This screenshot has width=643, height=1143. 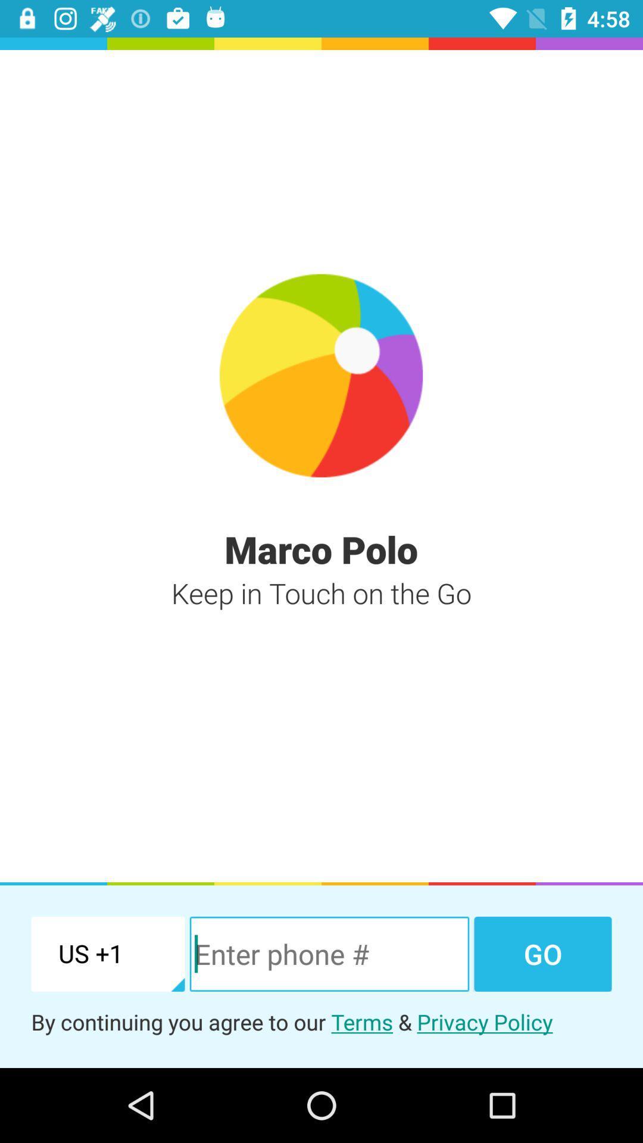 What do you see at coordinates (329, 954) in the screenshot?
I see `icon next to the us +1 item` at bounding box center [329, 954].